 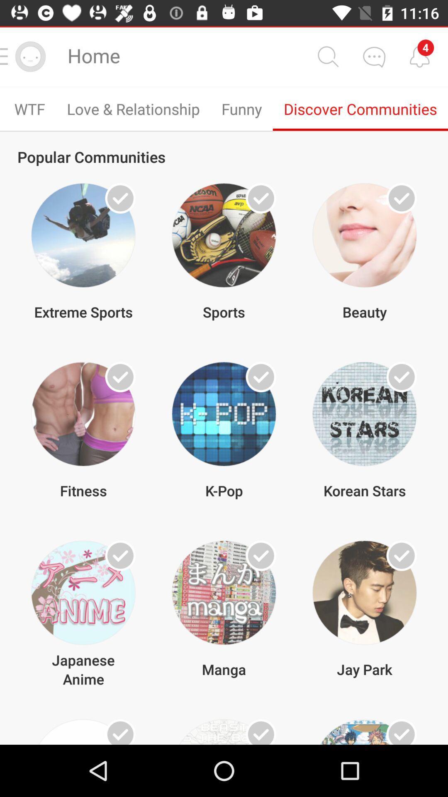 I want to click on check interest box, so click(x=261, y=198).